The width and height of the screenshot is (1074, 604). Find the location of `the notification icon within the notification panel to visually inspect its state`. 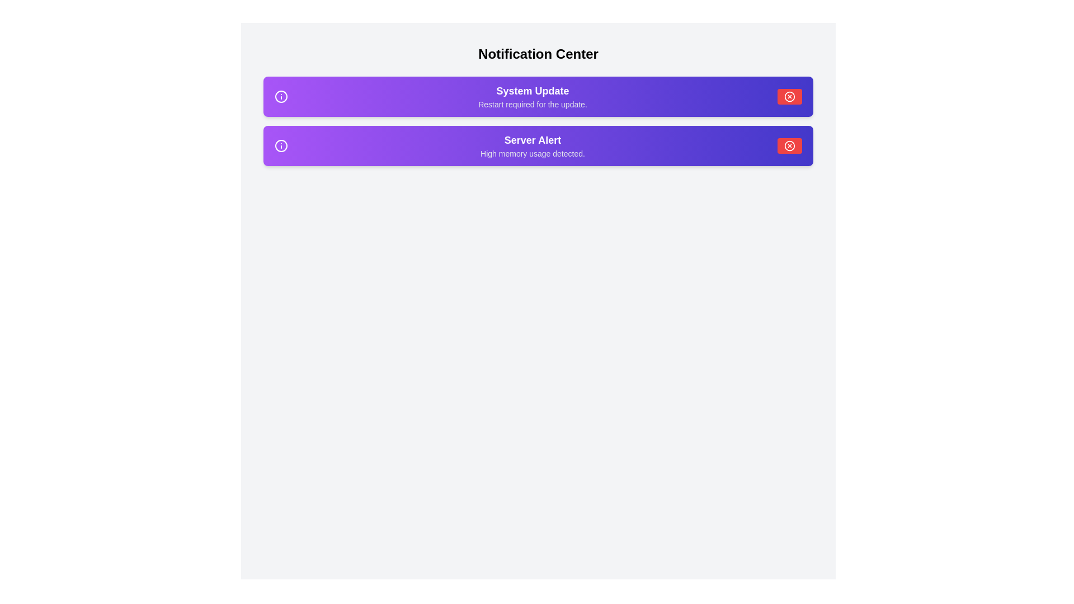

the notification icon within the notification panel to visually inspect its state is located at coordinates (281, 96).